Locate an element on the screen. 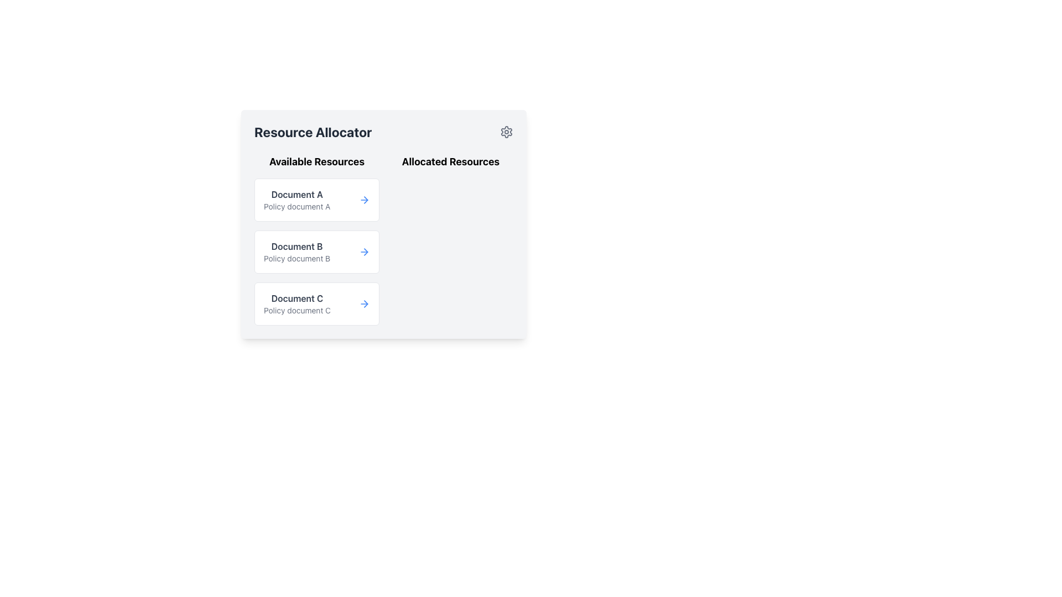 The width and height of the screenshot is (1062, 597). the static text label titled 'Allocated Resources' located in the top-right corner of the 'Resource Allocator' panel is located at coordinates (451, 162).